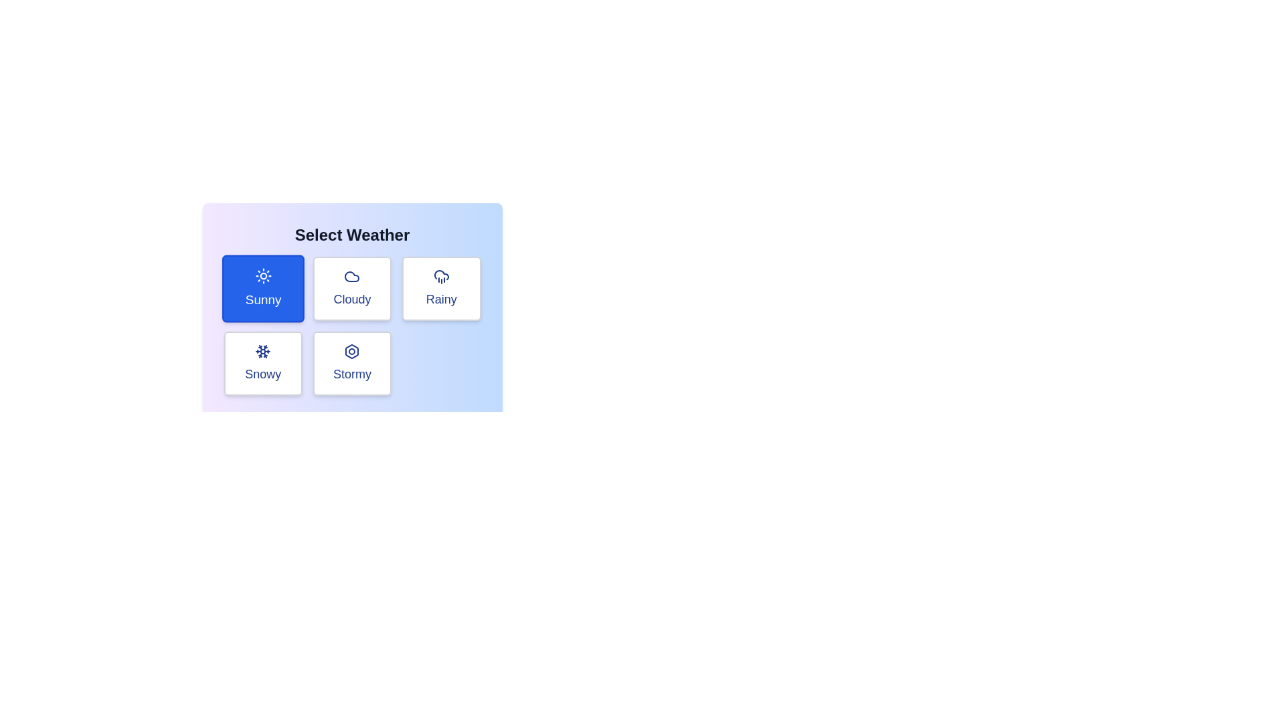 The image size is (1285, 722). Describe the element at coordinates (441, 288) in the screenshot. I see `the 'Rainy' option button located in the top-right part of the 3x2 grid layout, which is the third button in the first row` at that location.